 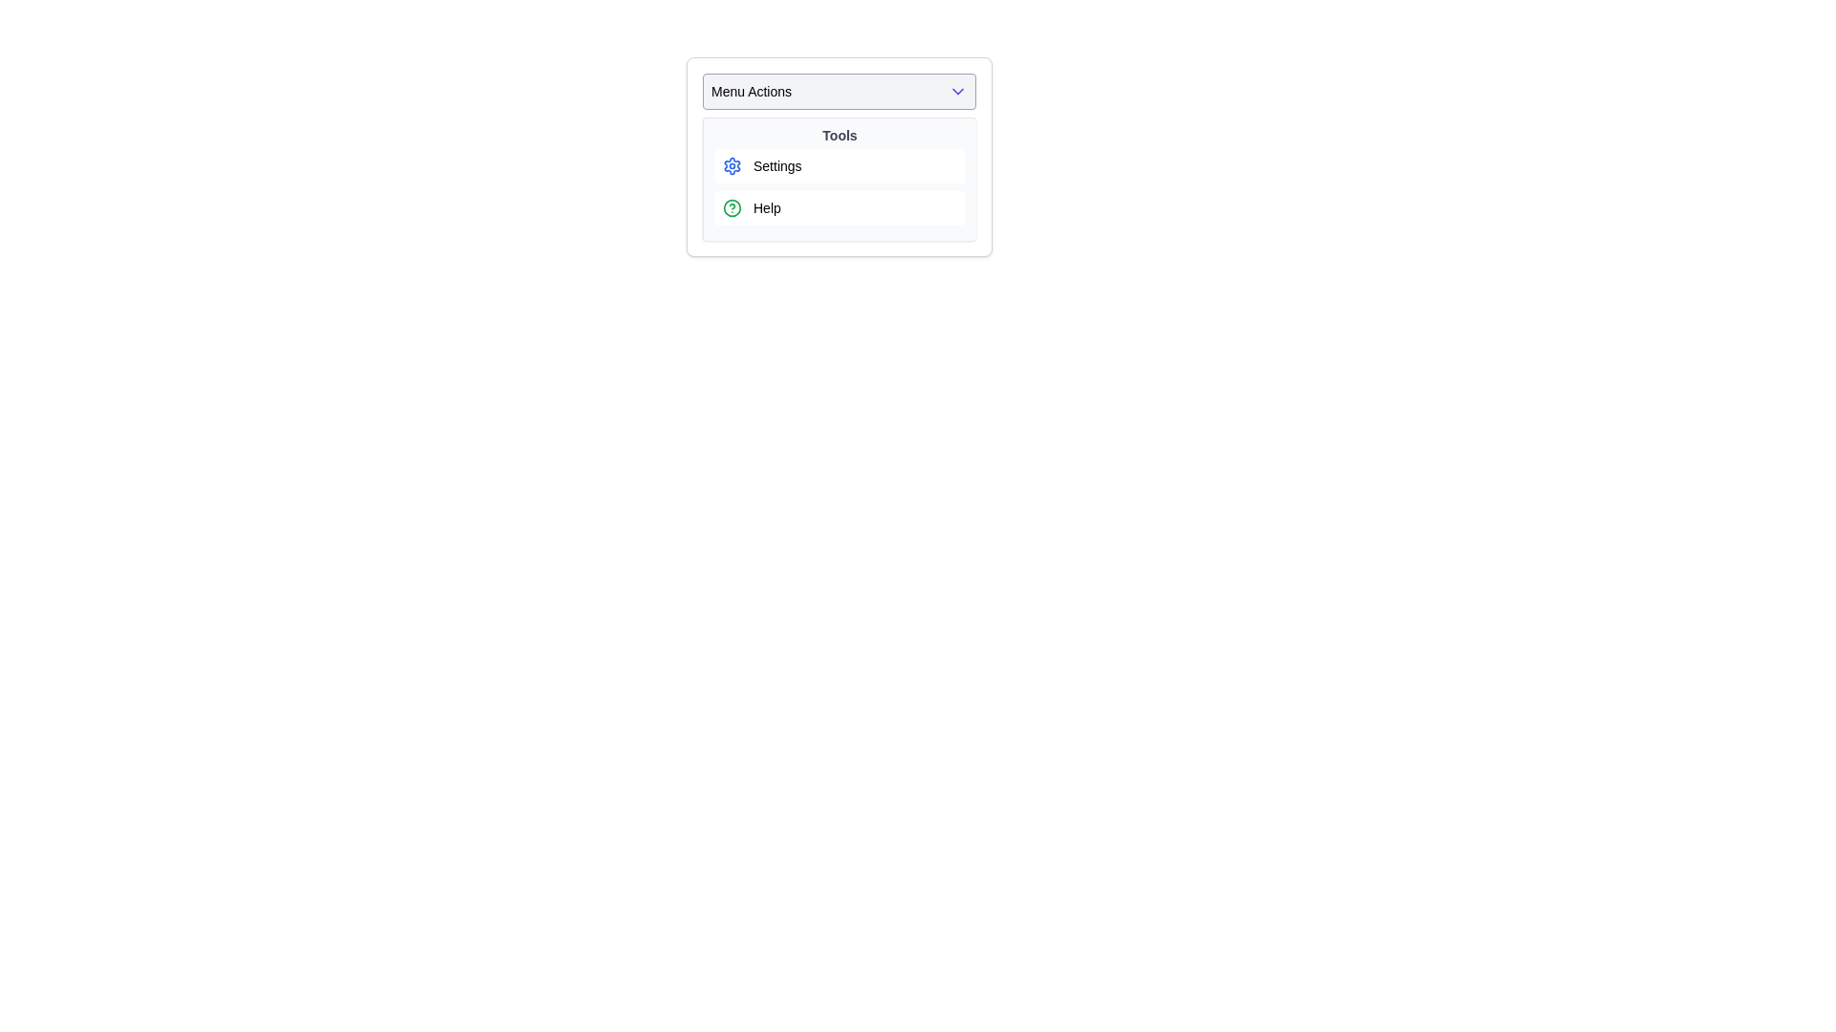 I want to click on the 'Help' text label, which serves as a description for the 'Help' function and is located below the 'Settings' option in the 'Tools' menu, so click(x=767, y=208).